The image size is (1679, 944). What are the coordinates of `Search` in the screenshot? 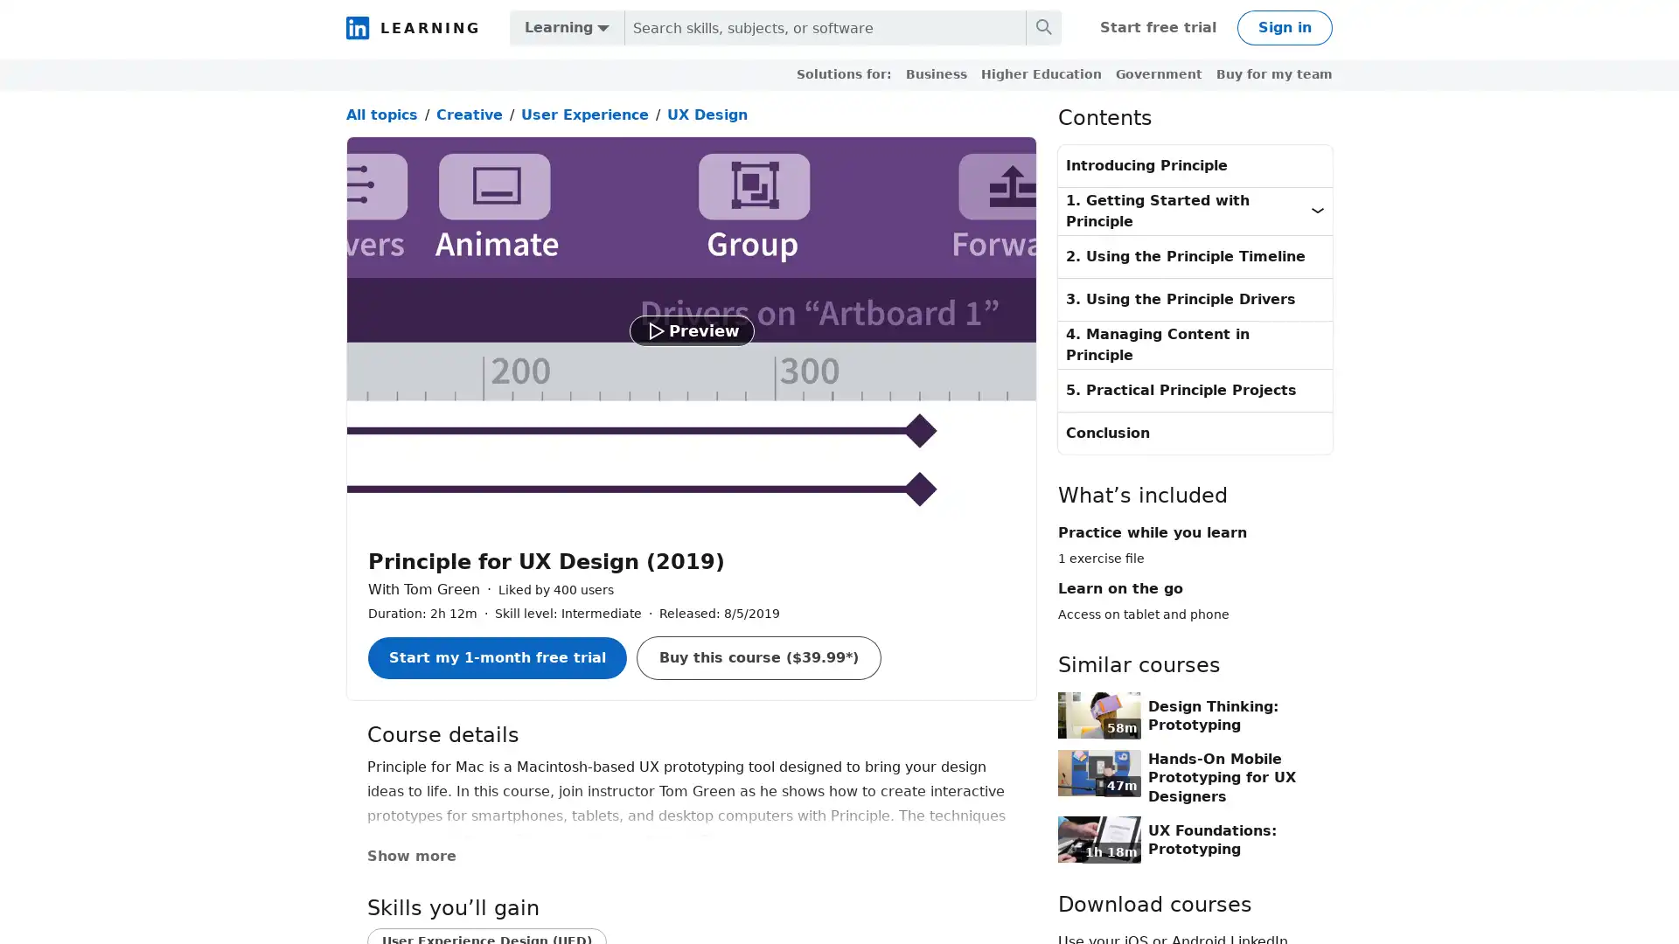 It's located at (1044, 27).